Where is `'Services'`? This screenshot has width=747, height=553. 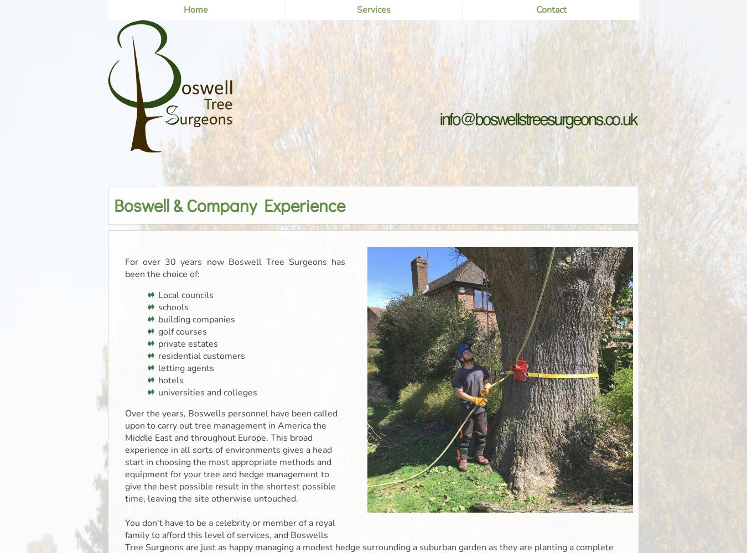
'Services' is located at coordinates (356, 10).